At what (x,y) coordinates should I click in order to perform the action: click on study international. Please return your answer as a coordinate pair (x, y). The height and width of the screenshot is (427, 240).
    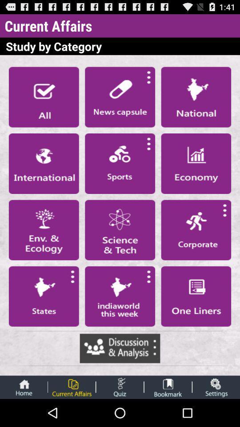
    Looking at the image, I should click on (43, 163).